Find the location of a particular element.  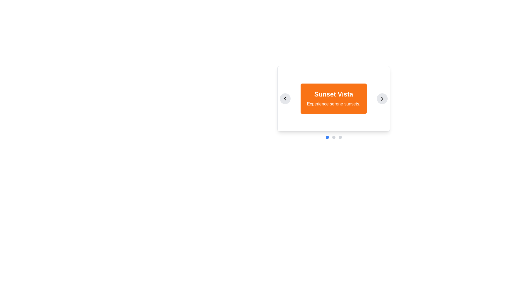

the navigational button located to the left of the central orange box containing the text 'Sunset Vista' is located at coordinates (285, 99).